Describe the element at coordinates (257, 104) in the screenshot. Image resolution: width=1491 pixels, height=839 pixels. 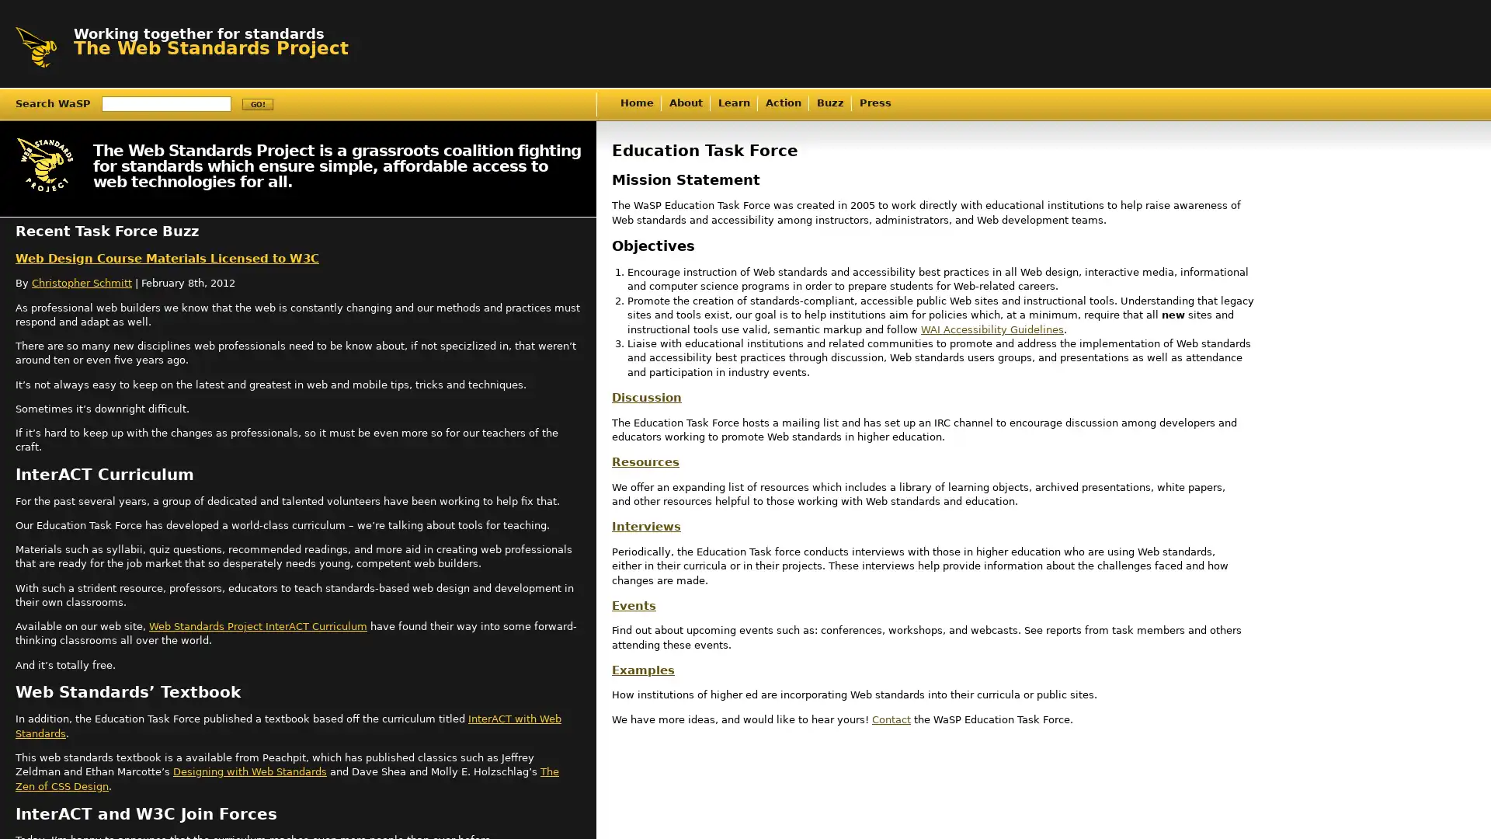
I see `Go!` at that location.